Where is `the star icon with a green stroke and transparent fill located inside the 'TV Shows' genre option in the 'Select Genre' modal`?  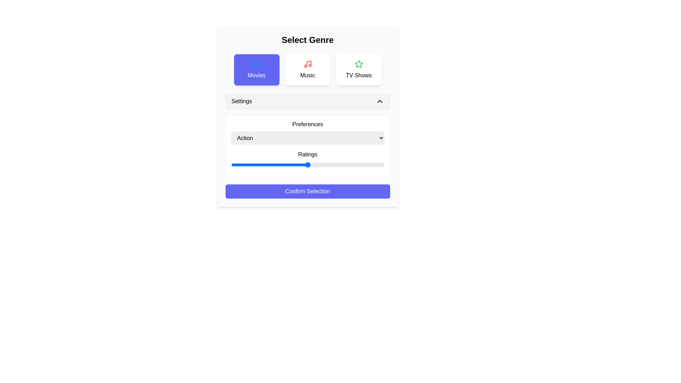
the star icon with a green stroke and transparent fill located inside the 'TV Shows' genre option in the 'Select Genre' modal is located at coordinates (359, 64).